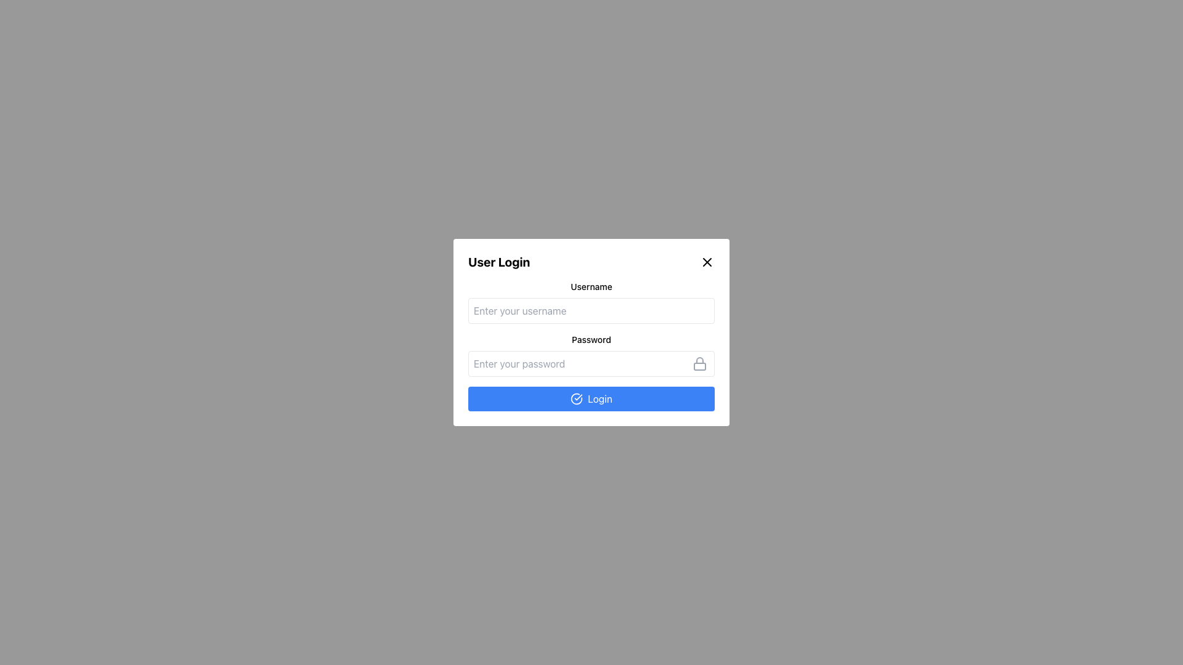 This screenshot has height=665, width=1183. Describe the element at coordinates (707, 261) in the screenshot. I see `the diagonal line of the 'X' shaped close button in the top-right corner of the login modal, which serves as a visual indicator for closing the dialog box` at that location.